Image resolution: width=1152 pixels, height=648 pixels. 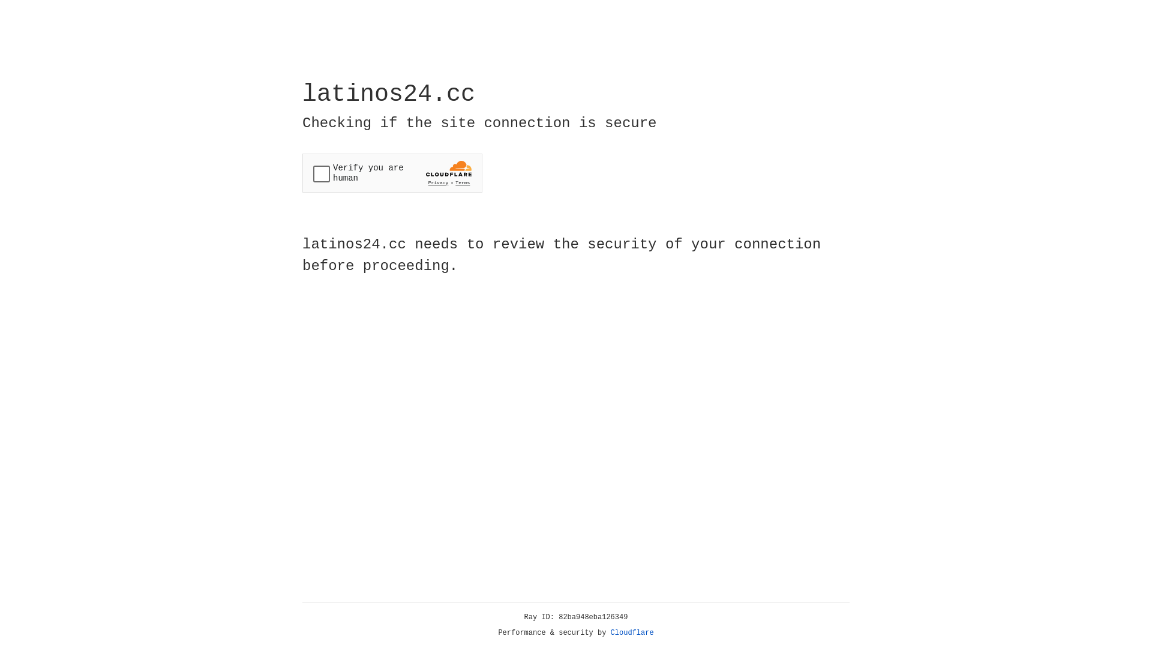 What do you see at coordinates (392, 173) in the screenshot?
I see `'Widget containing a Cloudflare security challenge'` at bounding box center [392, 173].